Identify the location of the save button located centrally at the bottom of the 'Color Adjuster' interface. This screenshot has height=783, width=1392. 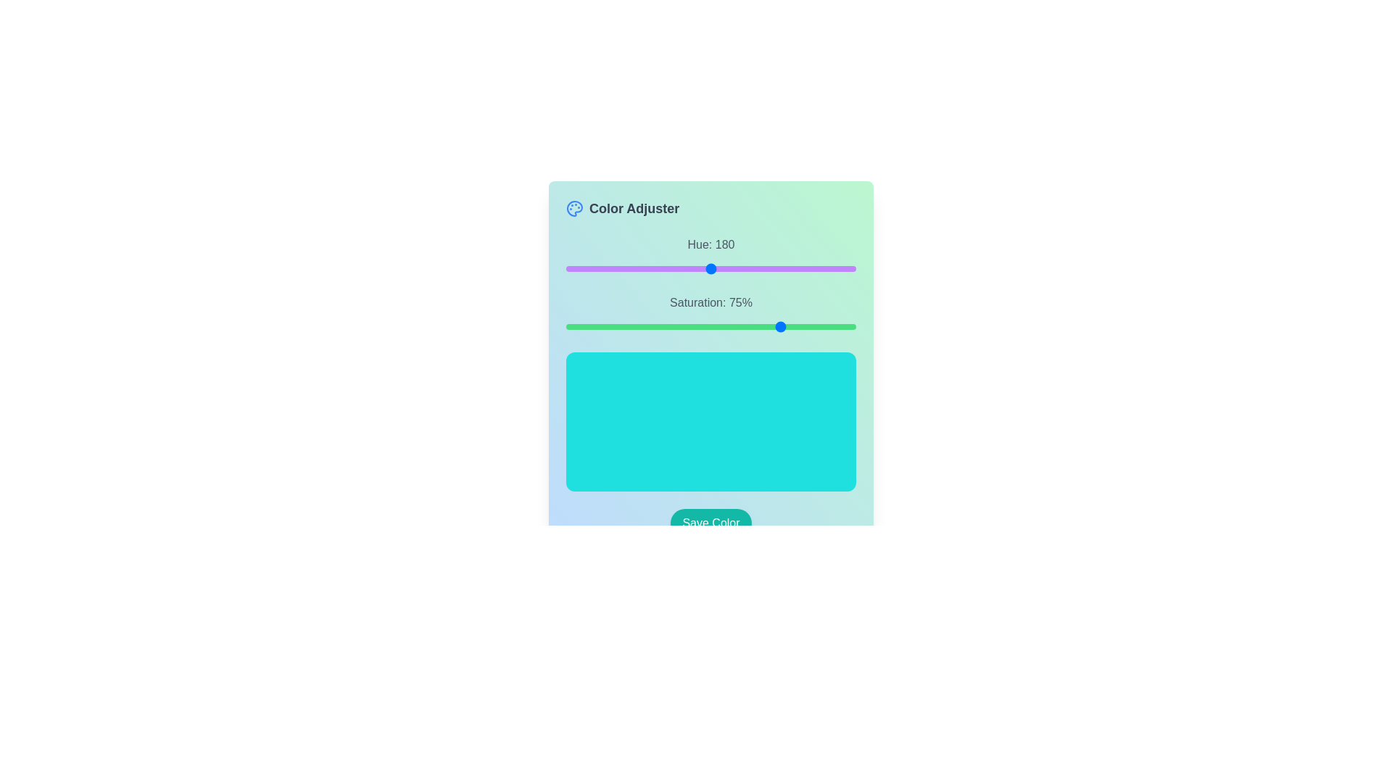
(710, 523).